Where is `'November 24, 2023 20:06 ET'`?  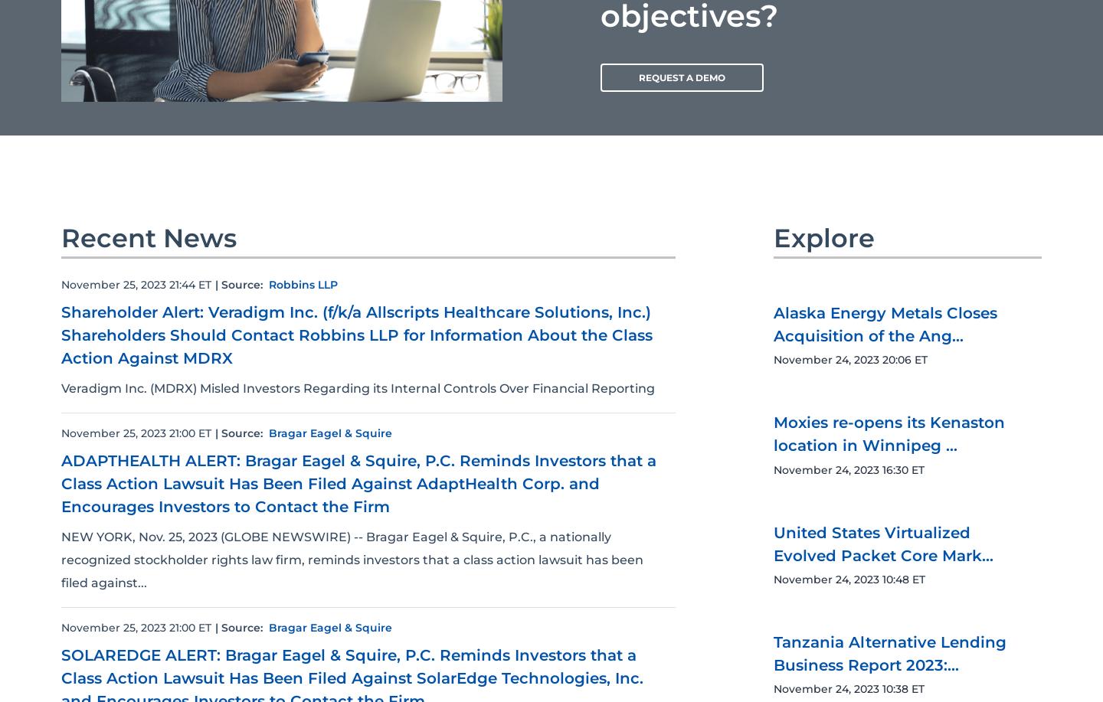
'November 24, 2023 20:06 ET' is located at coordinates (849, 358).